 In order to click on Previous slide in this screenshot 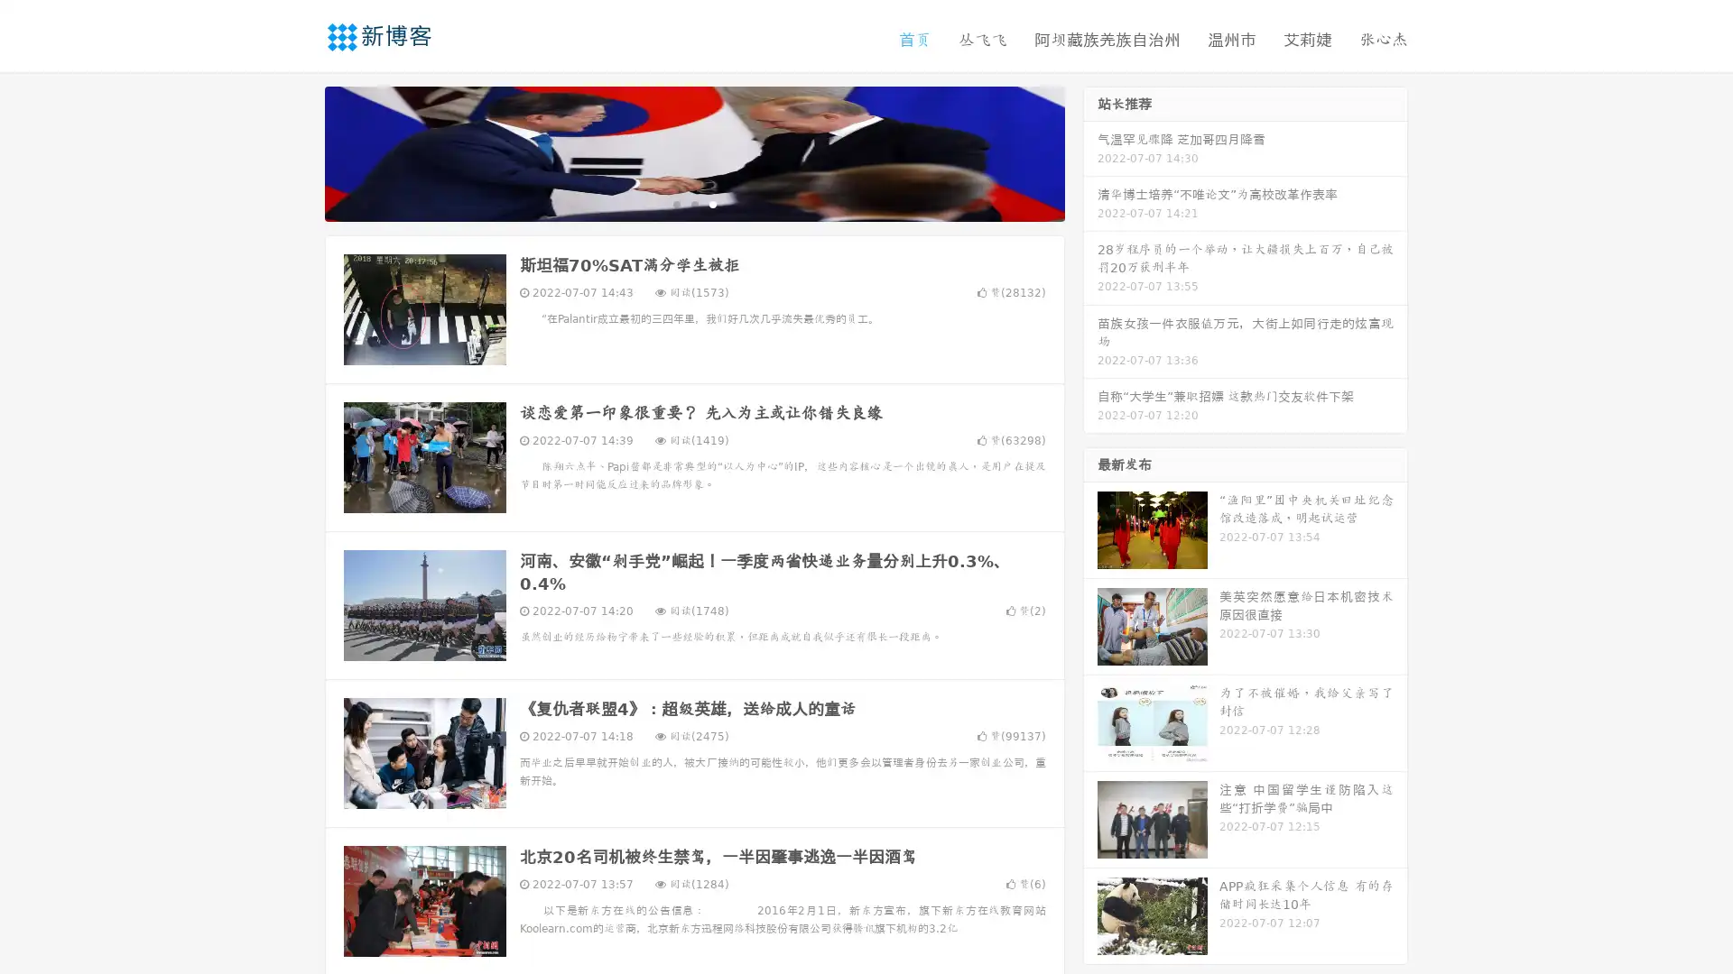, I will do `click(298, 152)`.